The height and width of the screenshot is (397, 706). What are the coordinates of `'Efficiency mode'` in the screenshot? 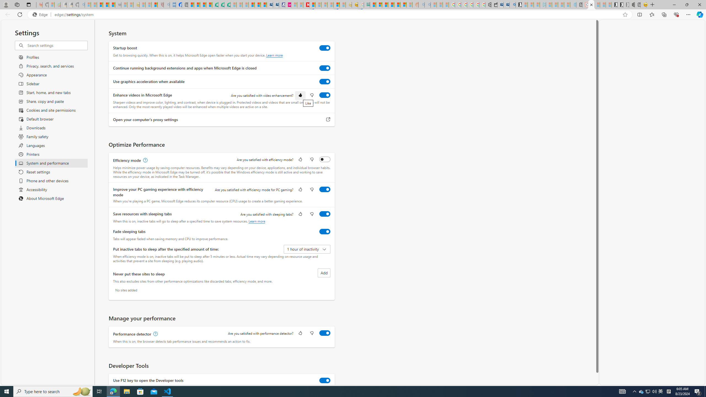 It's located at (325, 159).